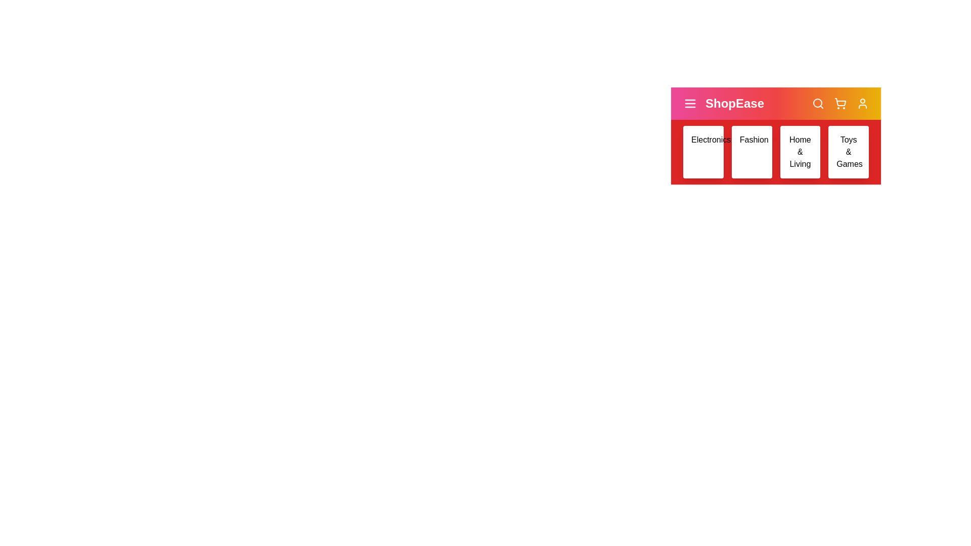  I want to click on the shopping cart icon to view the cart, so click(840, 103).